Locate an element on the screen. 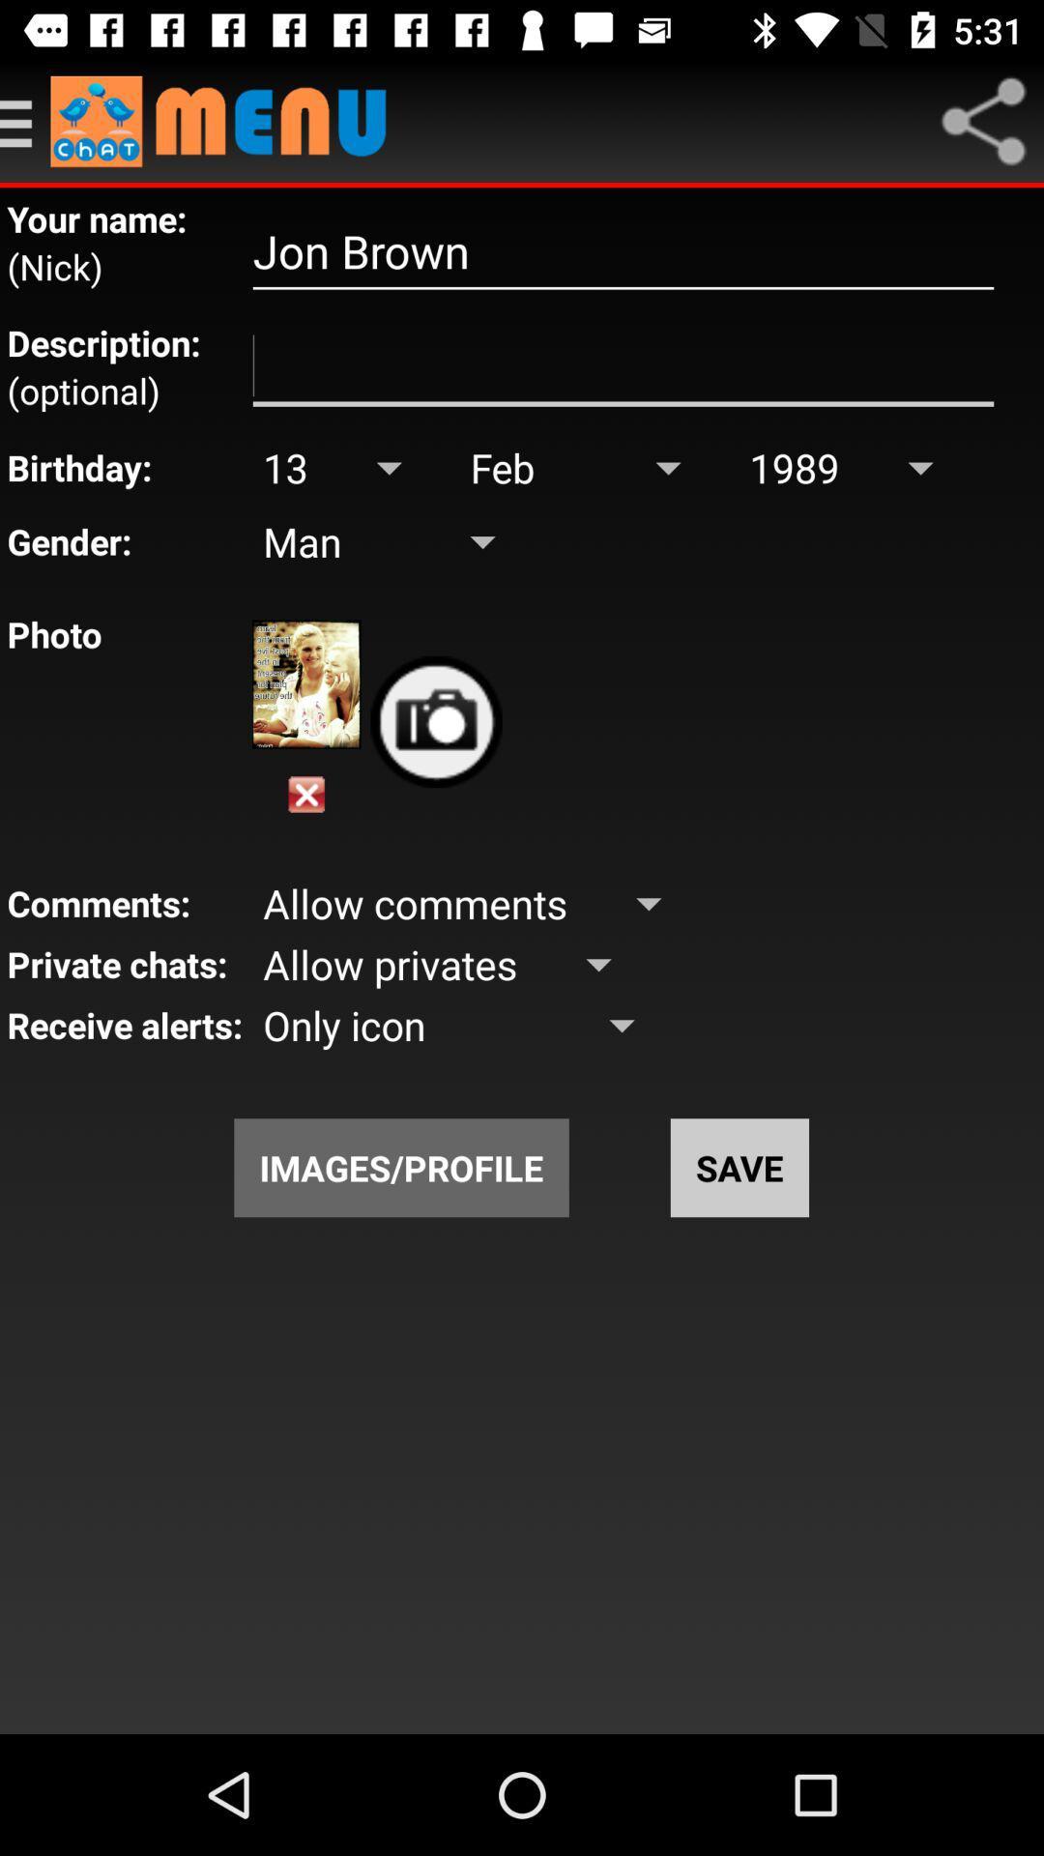  page is located at coordinates (305, 795).